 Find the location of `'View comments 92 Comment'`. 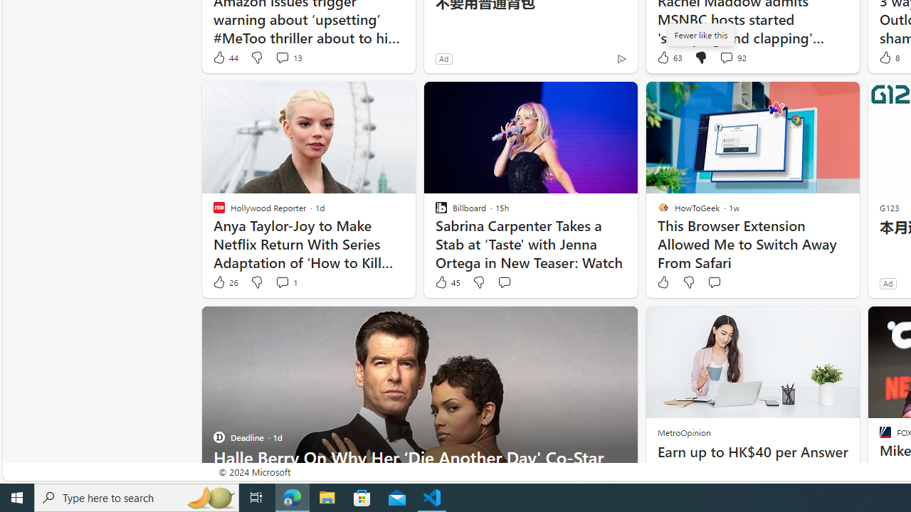

'View comments 92 Comment' is located at coordinates (732, 57).